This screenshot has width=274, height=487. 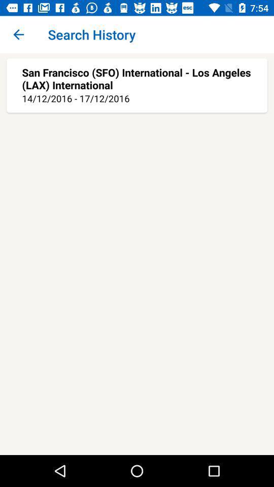 What do you see at coordinates (137, 98) in the screenshot?
I see `the 14 12 2016 item` at bounding box center [137, 98].